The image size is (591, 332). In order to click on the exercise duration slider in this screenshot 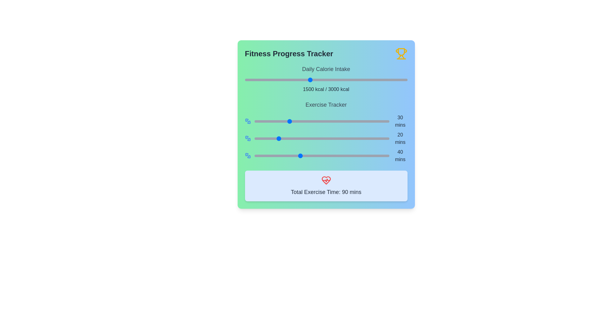, I will do `click(310, 139)`.